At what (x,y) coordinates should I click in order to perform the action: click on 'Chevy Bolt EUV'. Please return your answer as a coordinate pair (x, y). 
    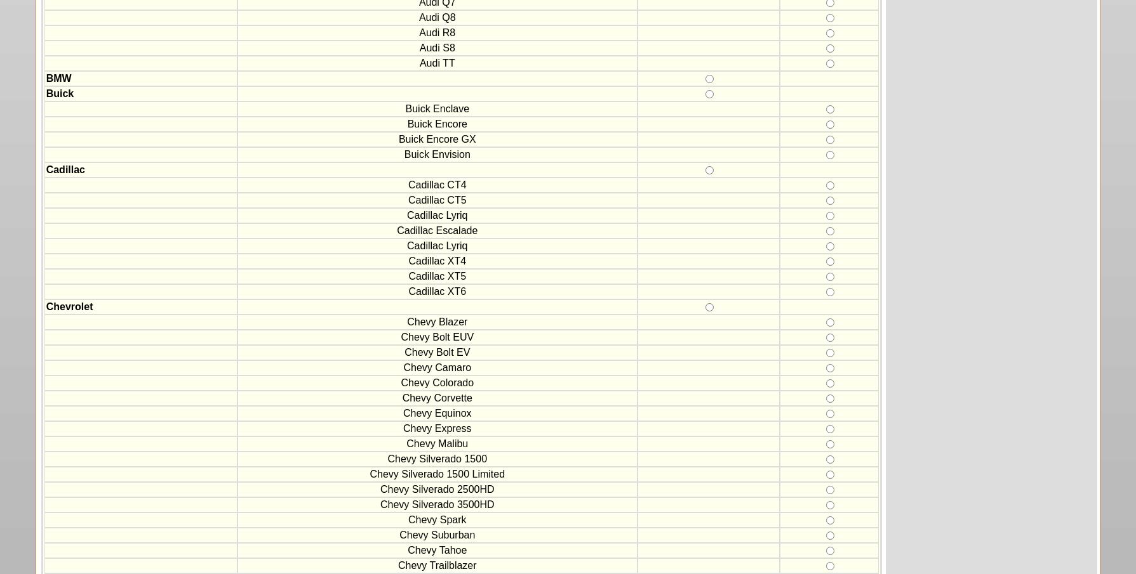
    Looking at the image, I should click on (437, 336).